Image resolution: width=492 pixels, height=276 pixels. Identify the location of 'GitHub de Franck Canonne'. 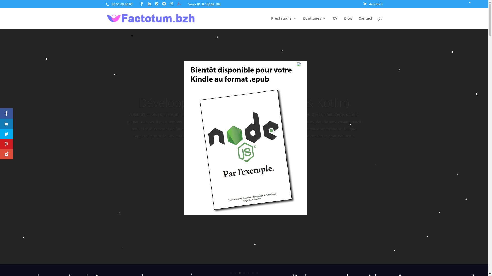
(163, 4).